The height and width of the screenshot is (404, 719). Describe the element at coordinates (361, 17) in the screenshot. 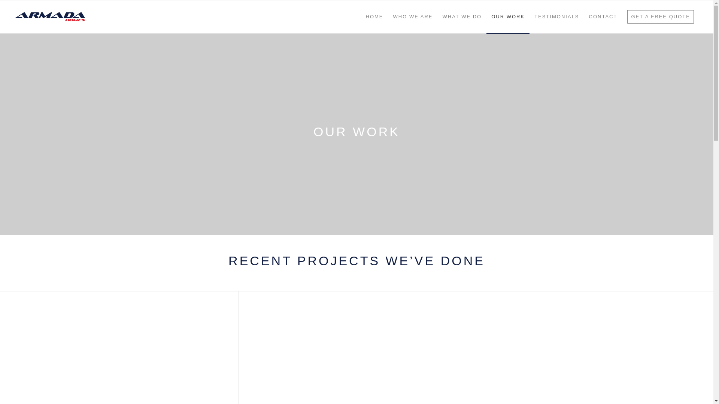

I see `'HOME'` at that location.